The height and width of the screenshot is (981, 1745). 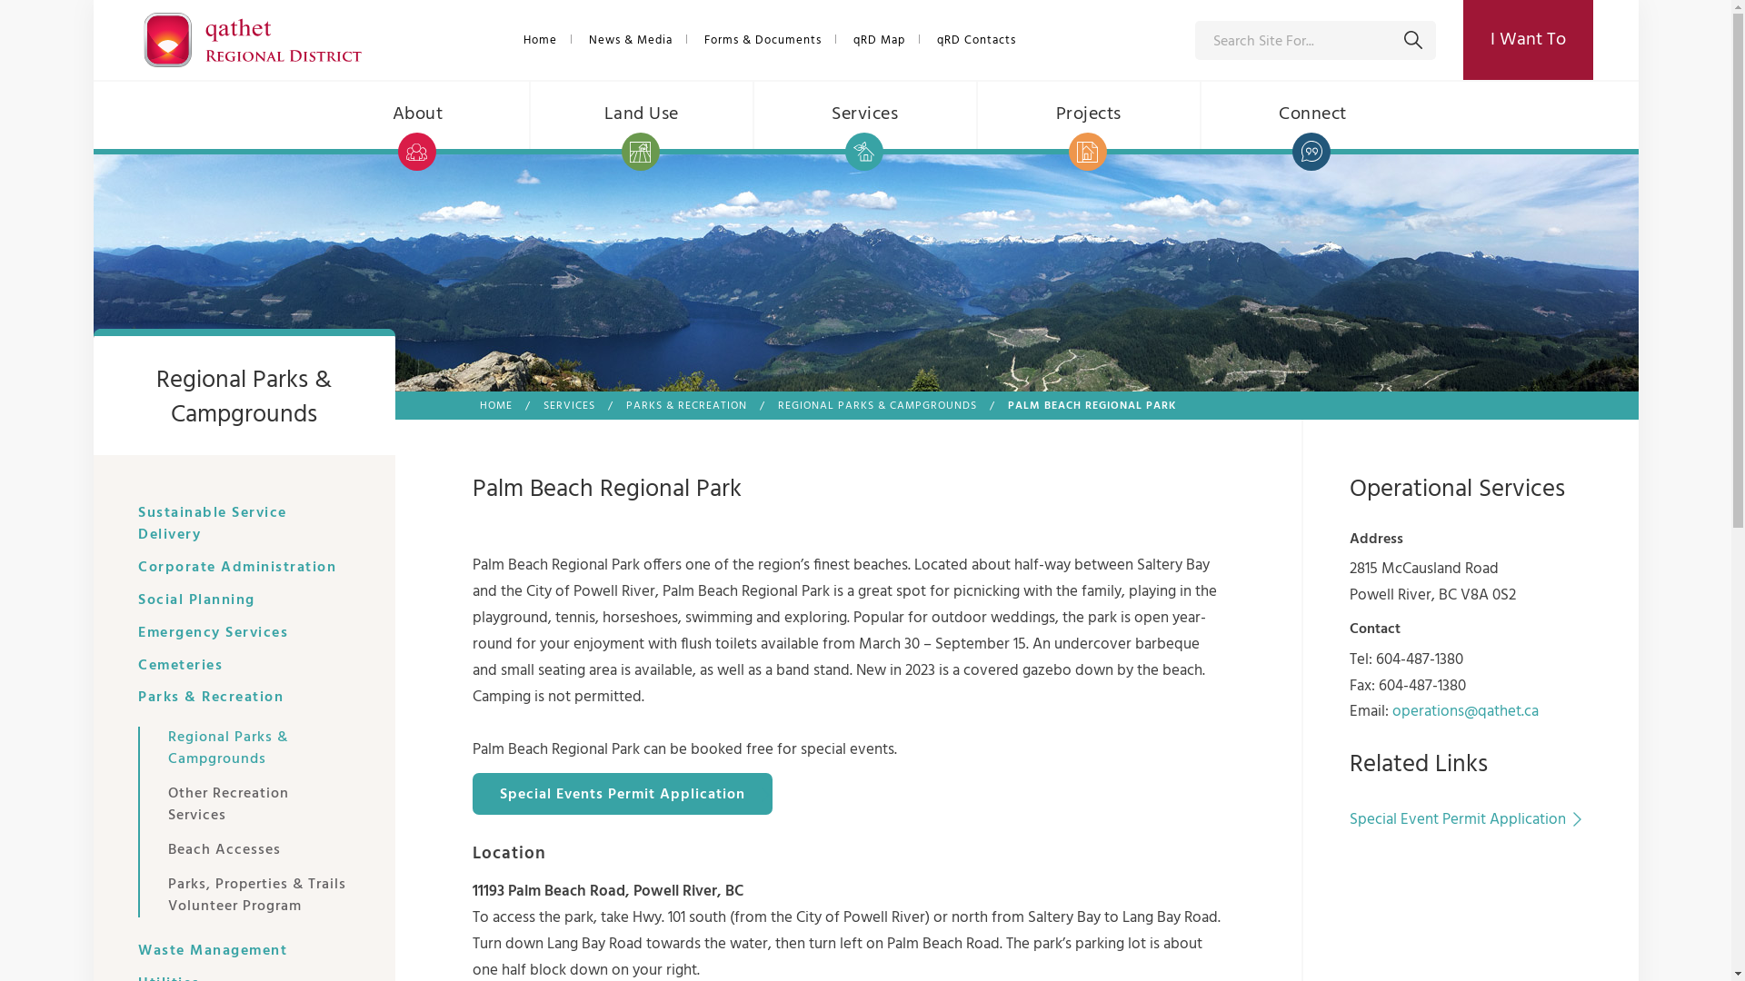 I want to click on 'HOME', so click(x=496, y=405).